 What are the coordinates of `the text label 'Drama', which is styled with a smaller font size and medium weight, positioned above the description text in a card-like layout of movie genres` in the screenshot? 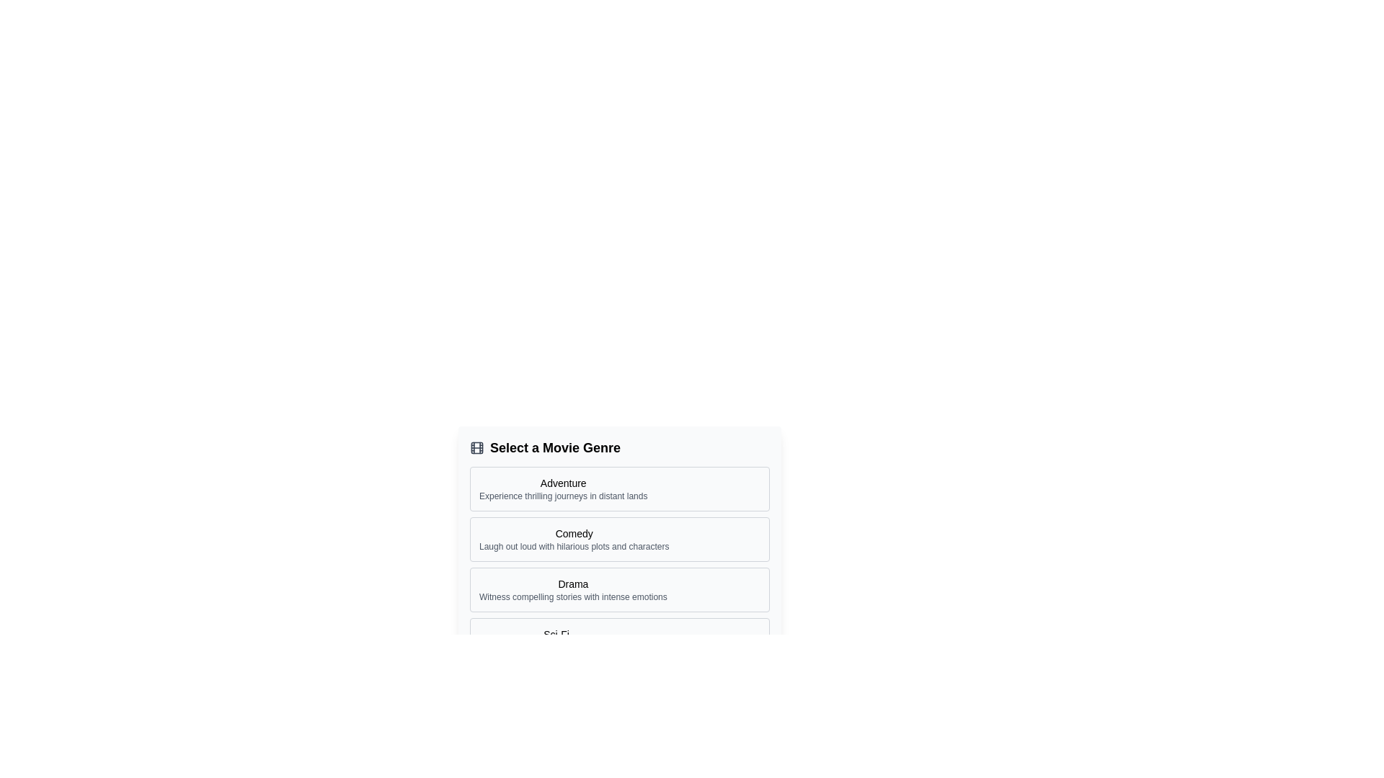 It's located at (572, 583).